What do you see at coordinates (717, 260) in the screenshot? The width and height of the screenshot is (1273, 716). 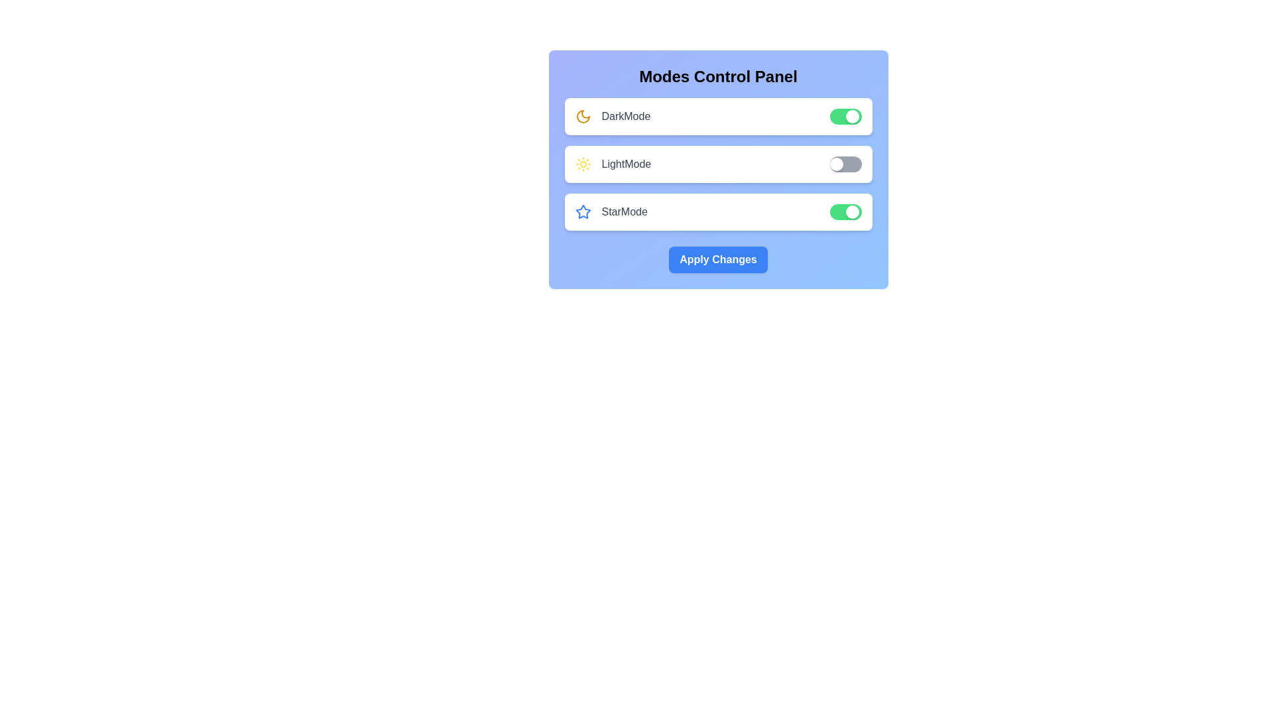 I see `the 'Apply Changes' button to apply the selected mode changes` at bounding box center [717, 260].